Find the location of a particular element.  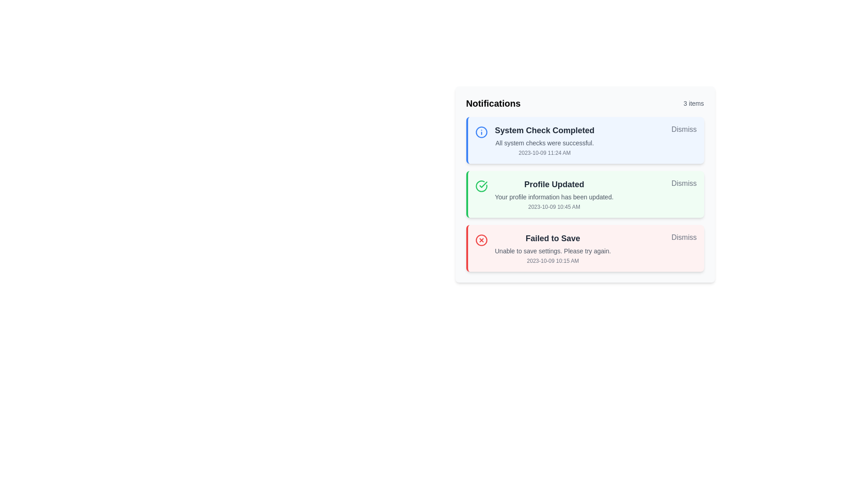

the circular blue-bordered icon with an informational symbol ('i') inside, located in the notification card titled 'System Check Completed' is located at coordinates (481, 132).